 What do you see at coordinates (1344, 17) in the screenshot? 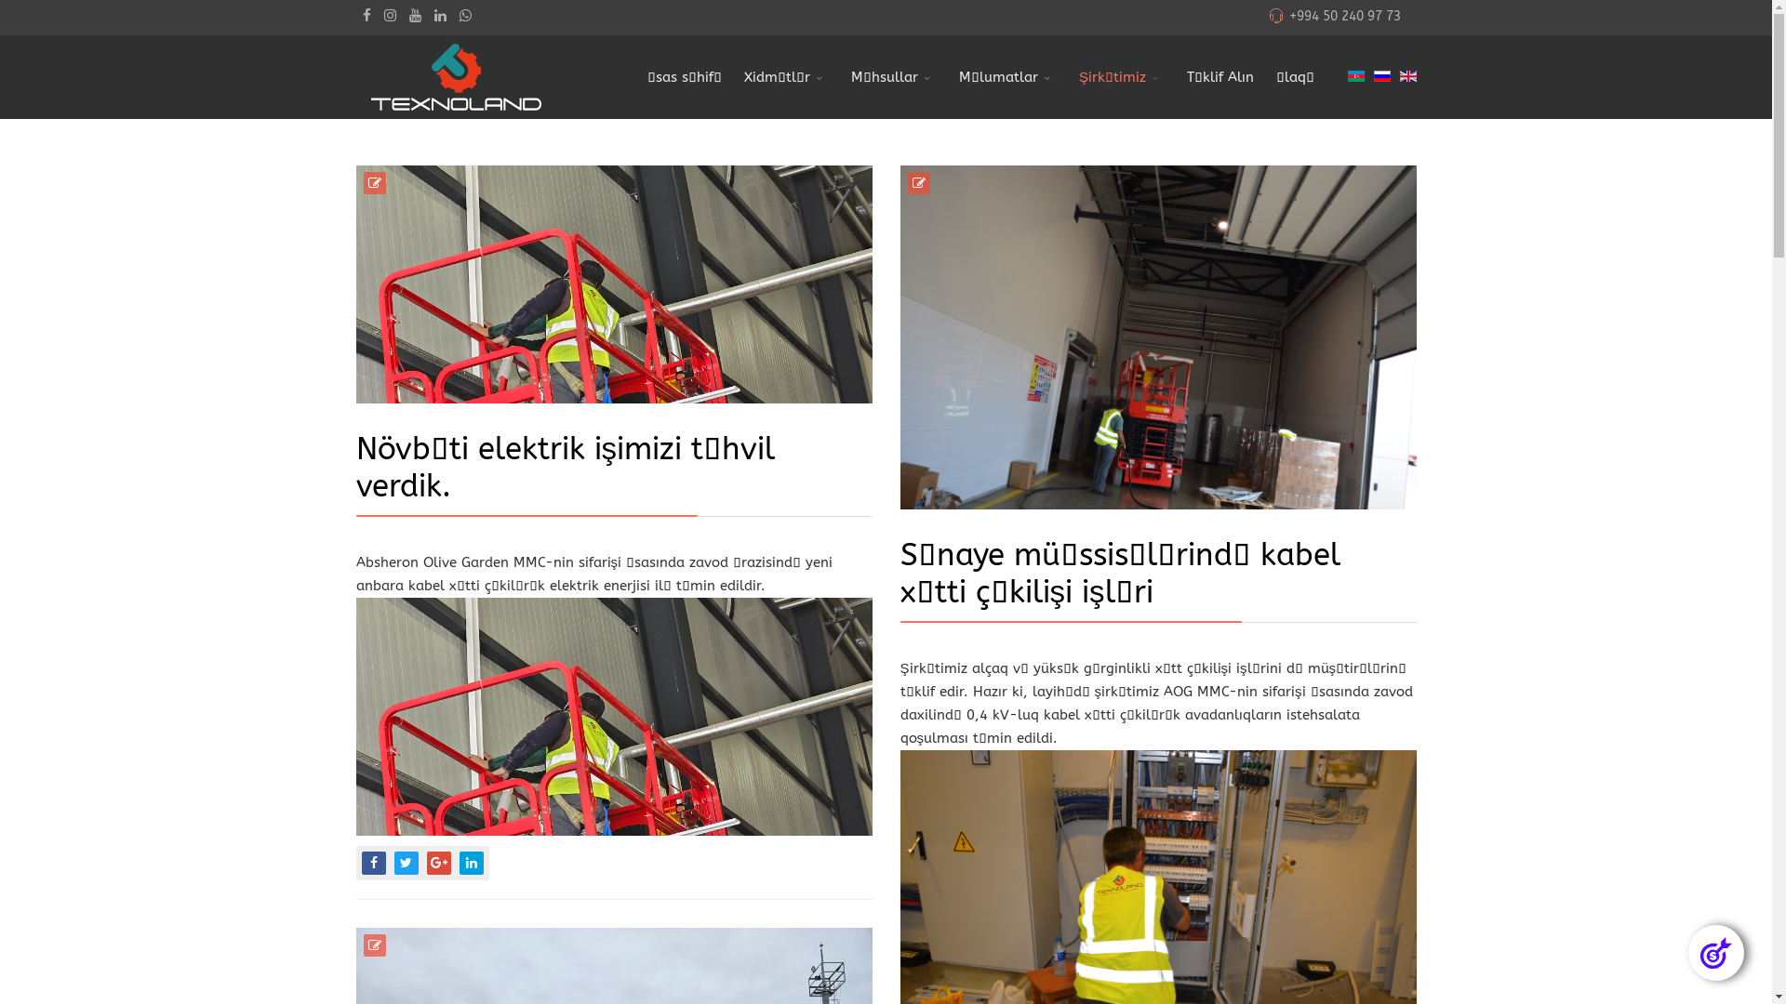
I see `'+994 50 240 97 73'` at bounding box center [1344, 17].